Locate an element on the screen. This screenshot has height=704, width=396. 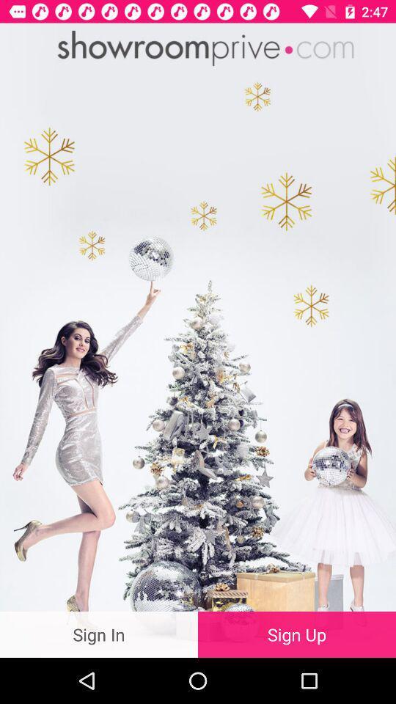
sign in is located at coordinates (99, 634).